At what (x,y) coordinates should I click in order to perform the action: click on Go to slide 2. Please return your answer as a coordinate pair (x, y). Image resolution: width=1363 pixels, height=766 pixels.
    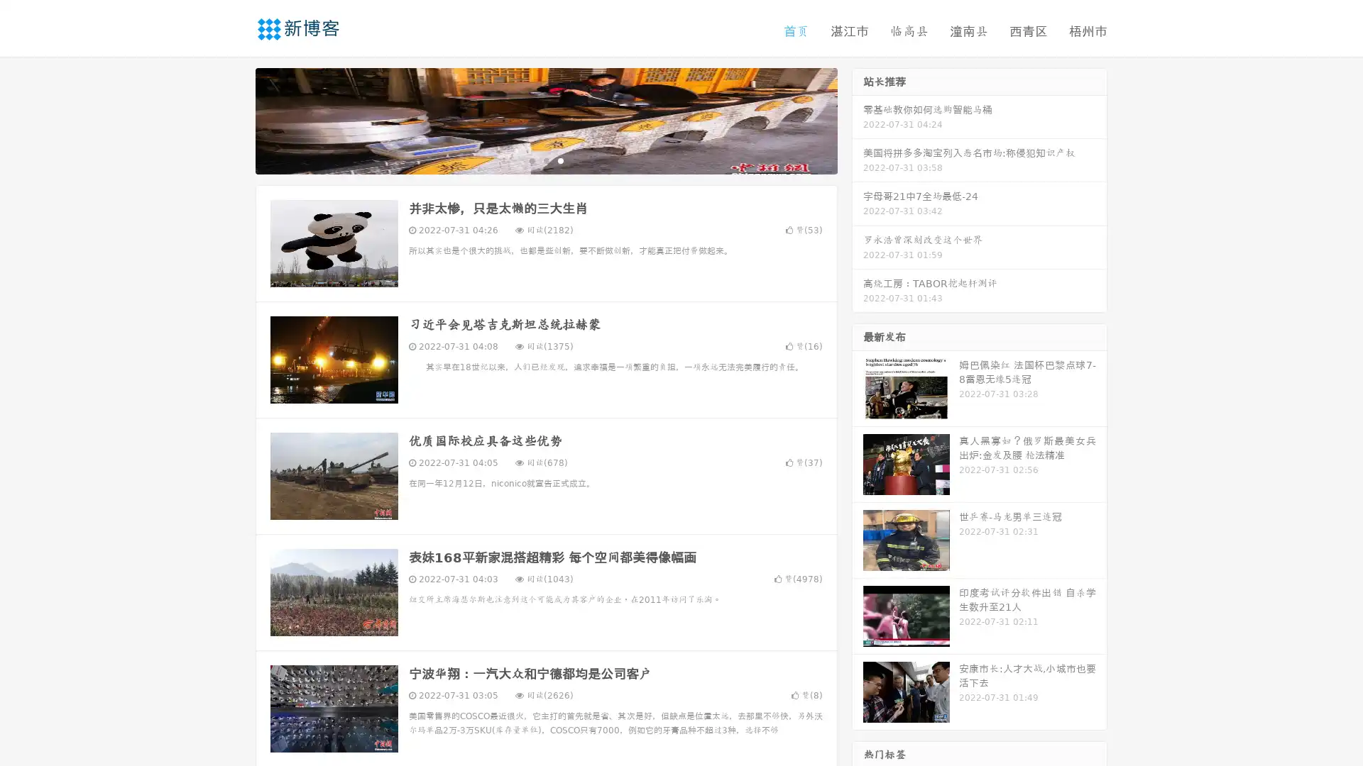
    Looking at the image, I should click on (545, 160).